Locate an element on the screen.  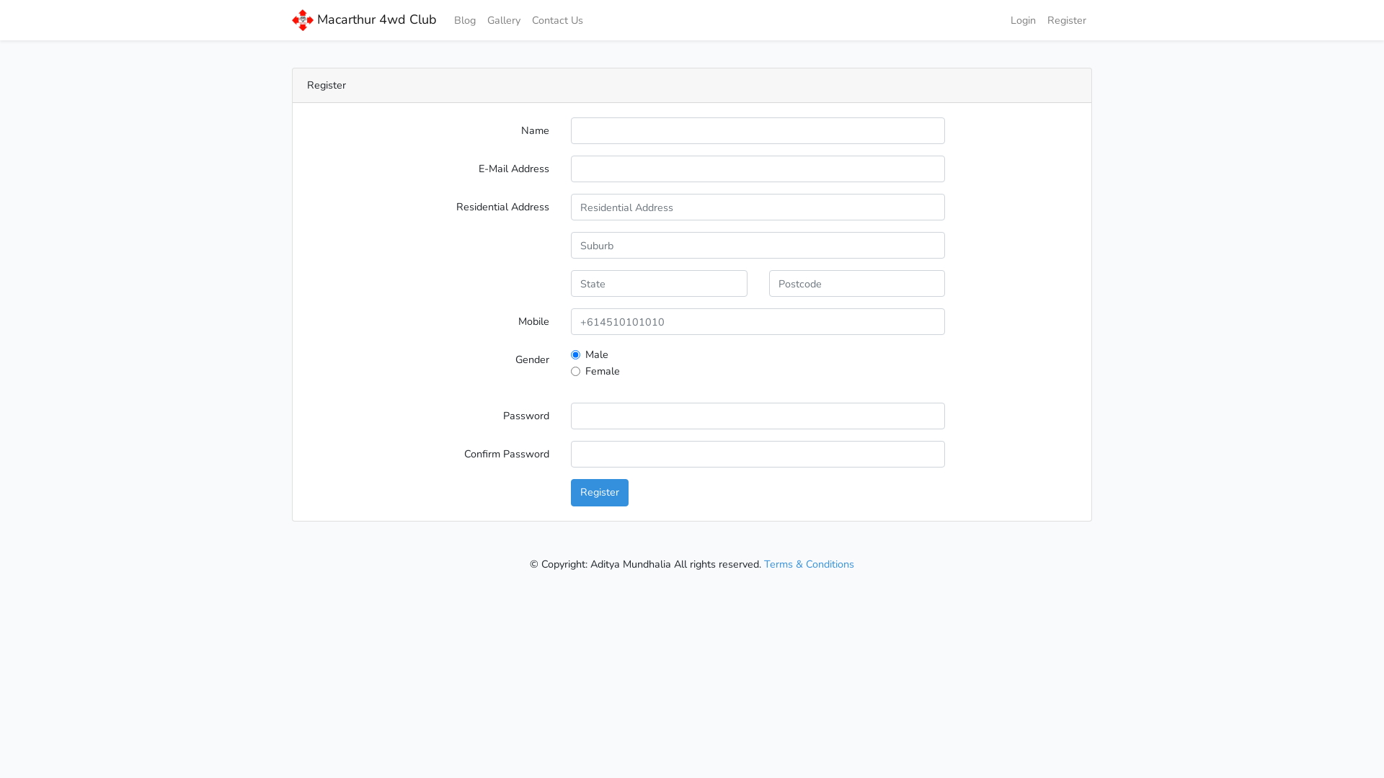
'Login' is located at coordinates (1022, 20).